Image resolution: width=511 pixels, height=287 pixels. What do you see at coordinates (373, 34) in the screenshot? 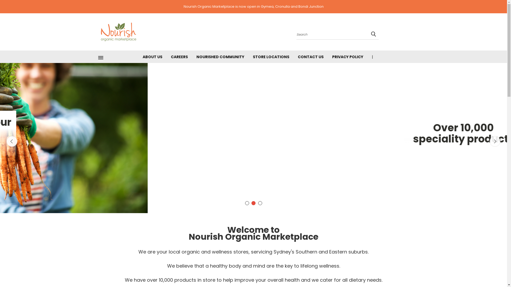
I see `'submit'` at bounding box center [373, 34].